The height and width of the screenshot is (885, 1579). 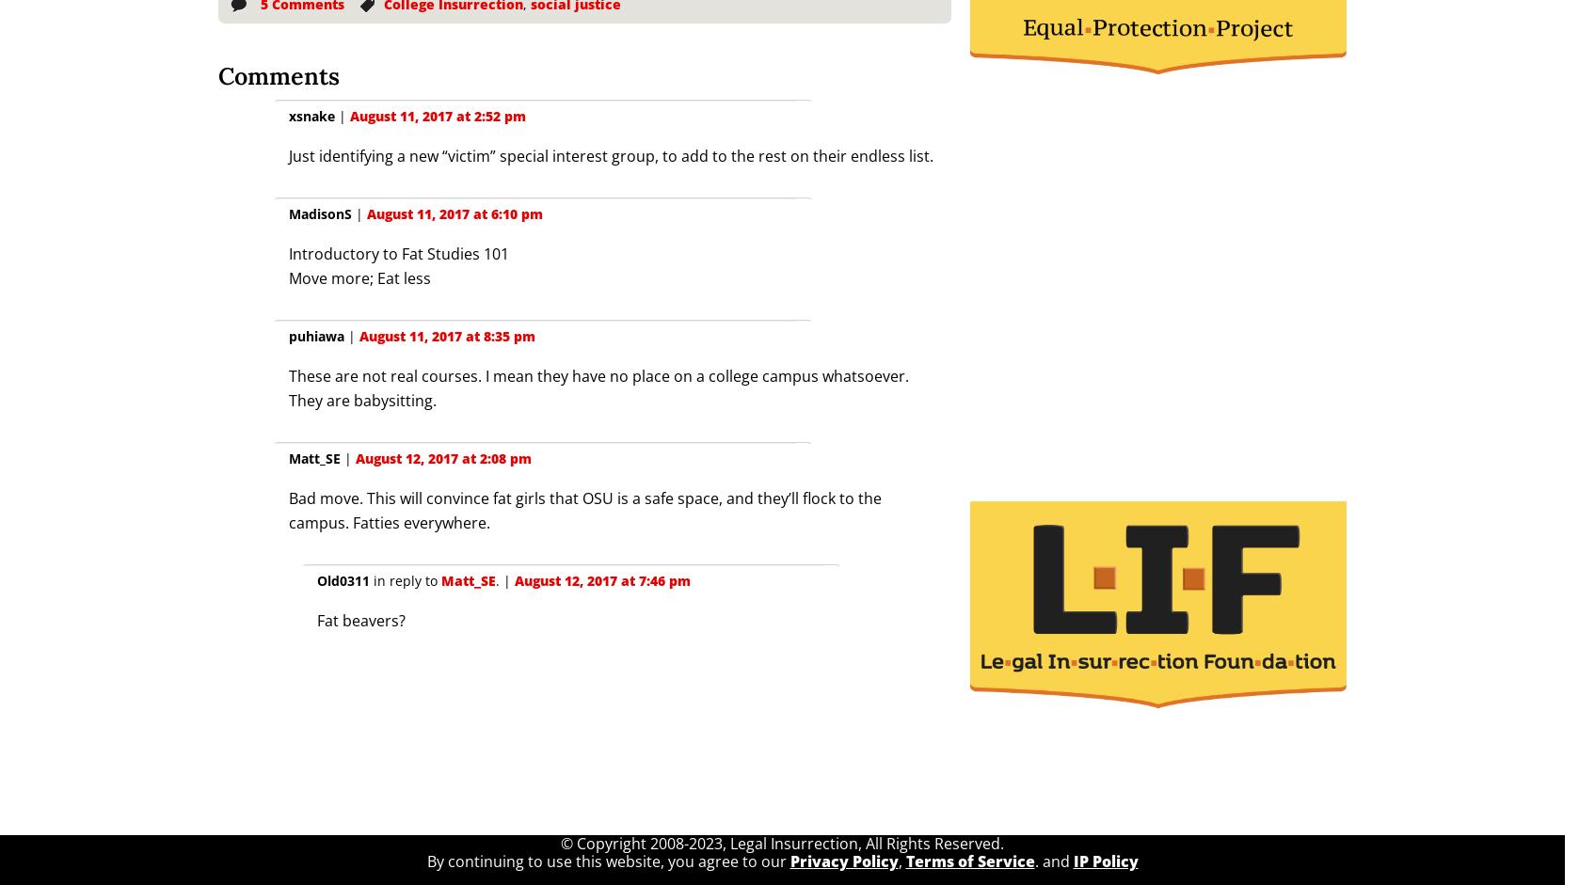 What do you see at coordinates (781, 843) in the screenshot?
I see `'© Copyright 2008-2023, Legal Insurrection, All Rights Reserved.'` at bounding box center [781, 843].